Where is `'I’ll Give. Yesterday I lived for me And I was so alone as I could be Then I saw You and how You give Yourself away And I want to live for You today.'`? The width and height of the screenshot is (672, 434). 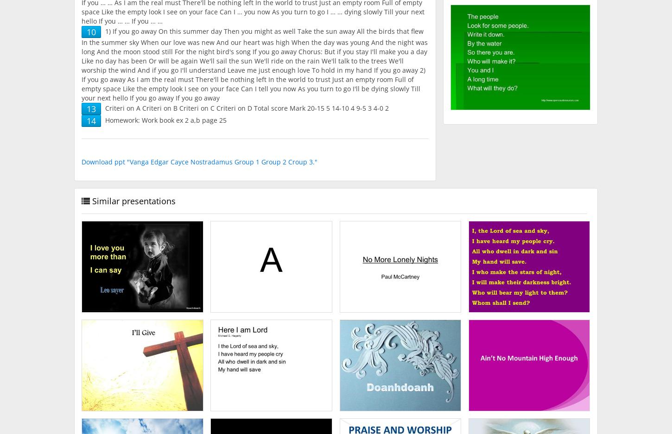 'I’ll Give. Yesterday I lived for me And I was so alone as I could be Then I saw You and how You give Yourself away And I want to live for You today.' is located at coordinates (142, 367).